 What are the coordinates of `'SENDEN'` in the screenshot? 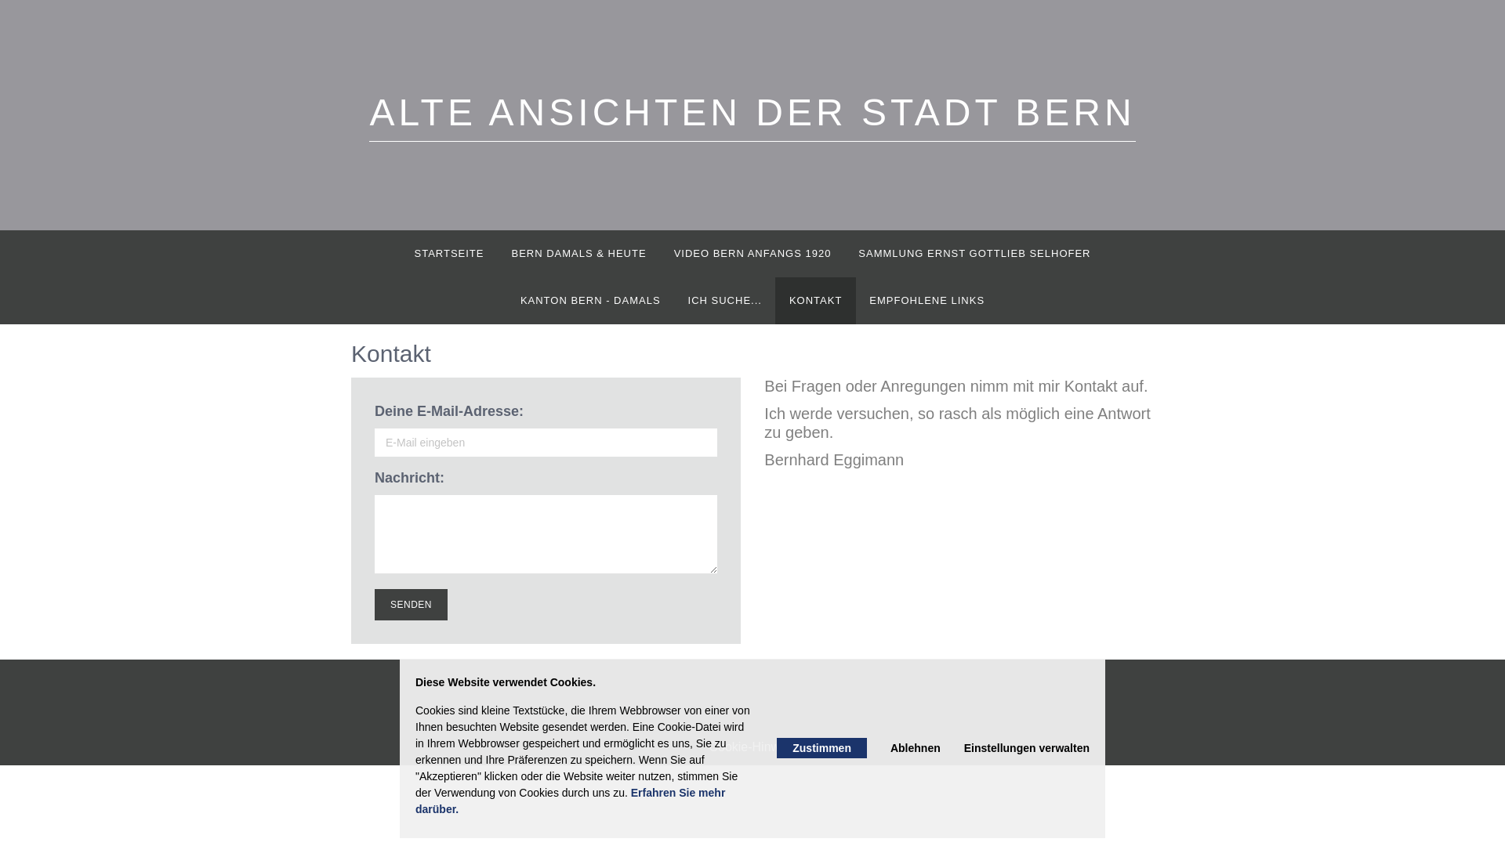 It's located at (411, 603).